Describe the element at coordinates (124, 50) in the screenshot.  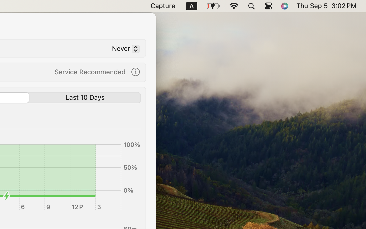
I see `'Never'` at that location.